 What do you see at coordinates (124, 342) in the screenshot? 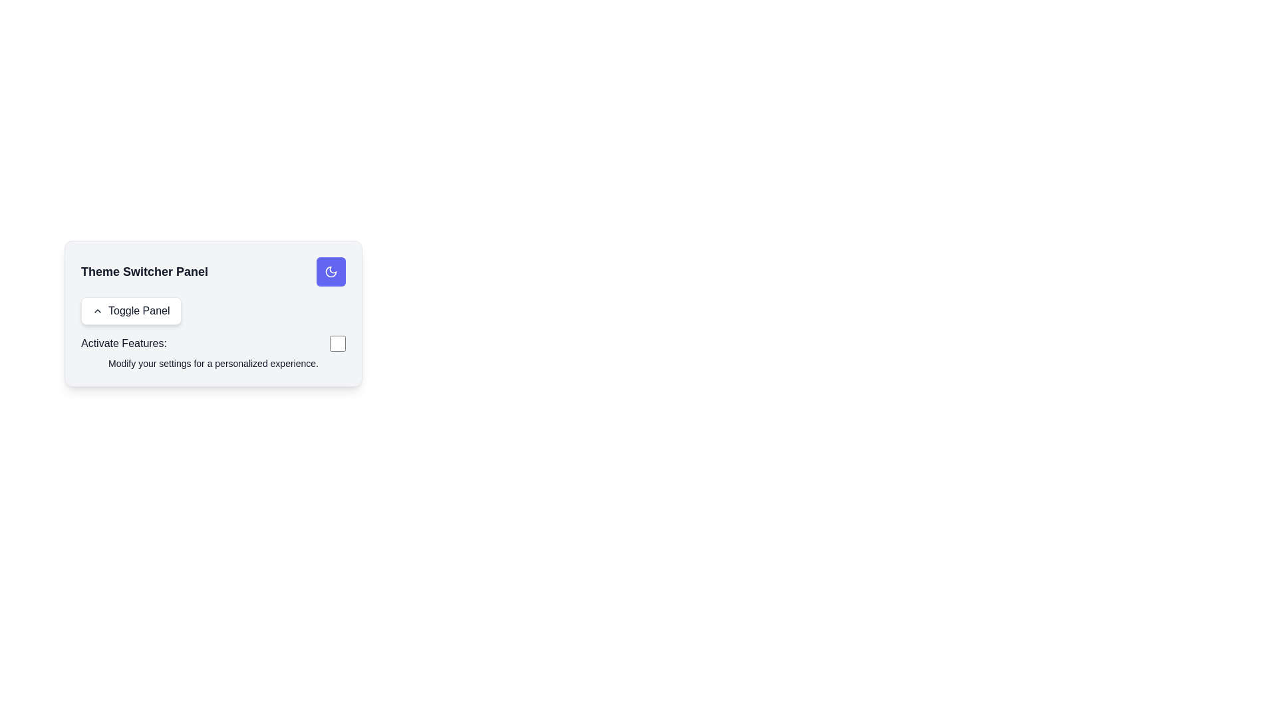
I see `the static text label 'Activate Features:' which is styled in bold and positioned next to a checkbox in the 'Theme Switcher Panel'` at bounding box center [124, 342].